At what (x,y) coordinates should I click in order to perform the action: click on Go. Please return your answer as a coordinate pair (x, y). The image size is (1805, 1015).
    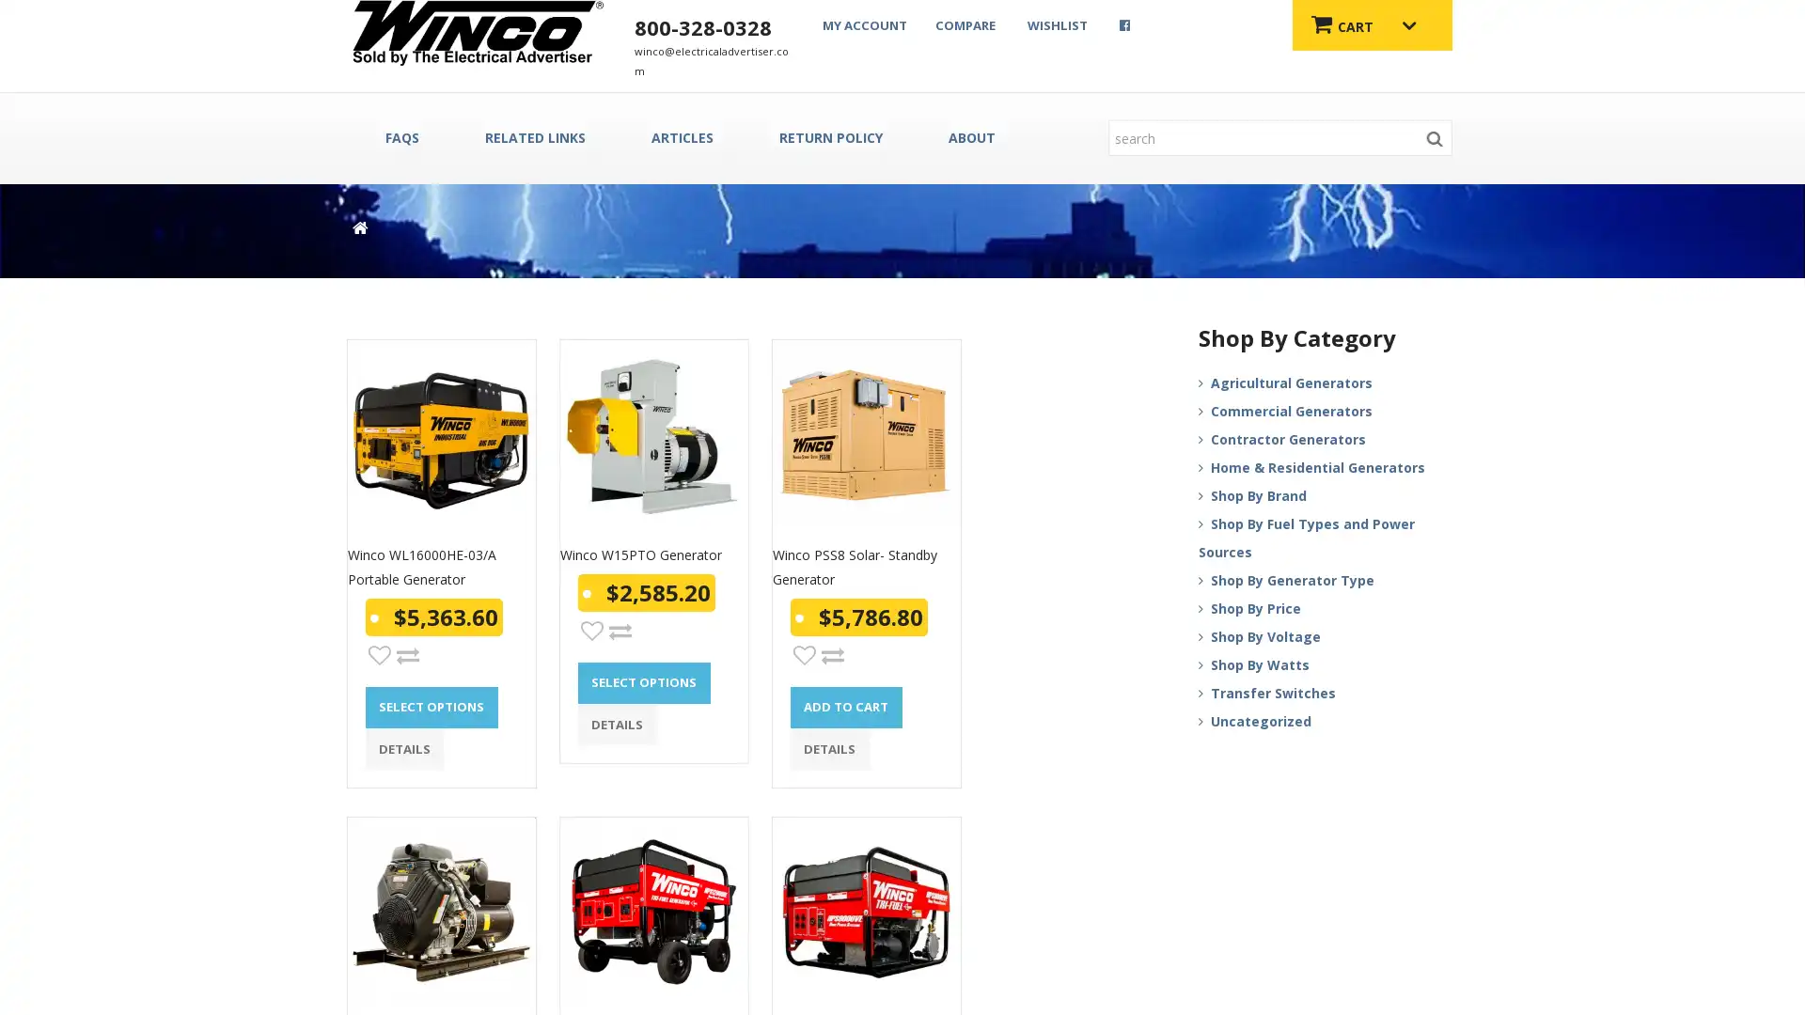
    Looking at the image, I should click on (1434, 136).